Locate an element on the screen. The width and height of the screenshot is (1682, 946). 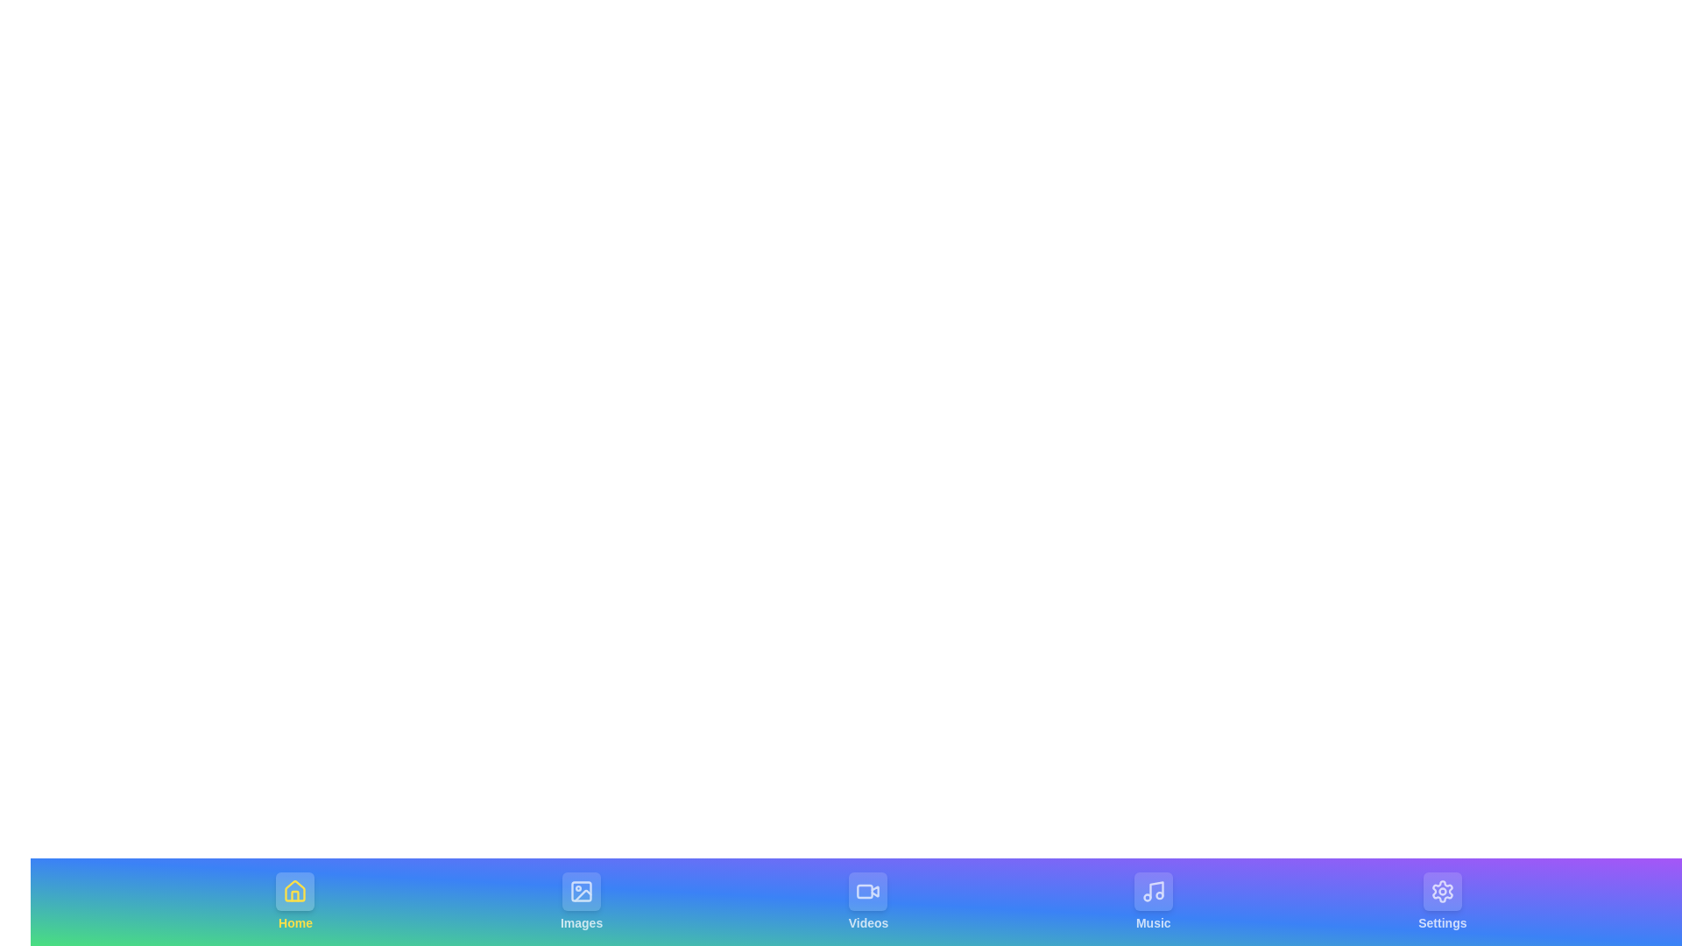
the tab labeled Music by clicking on its center is located at coordinates (1152, 901).